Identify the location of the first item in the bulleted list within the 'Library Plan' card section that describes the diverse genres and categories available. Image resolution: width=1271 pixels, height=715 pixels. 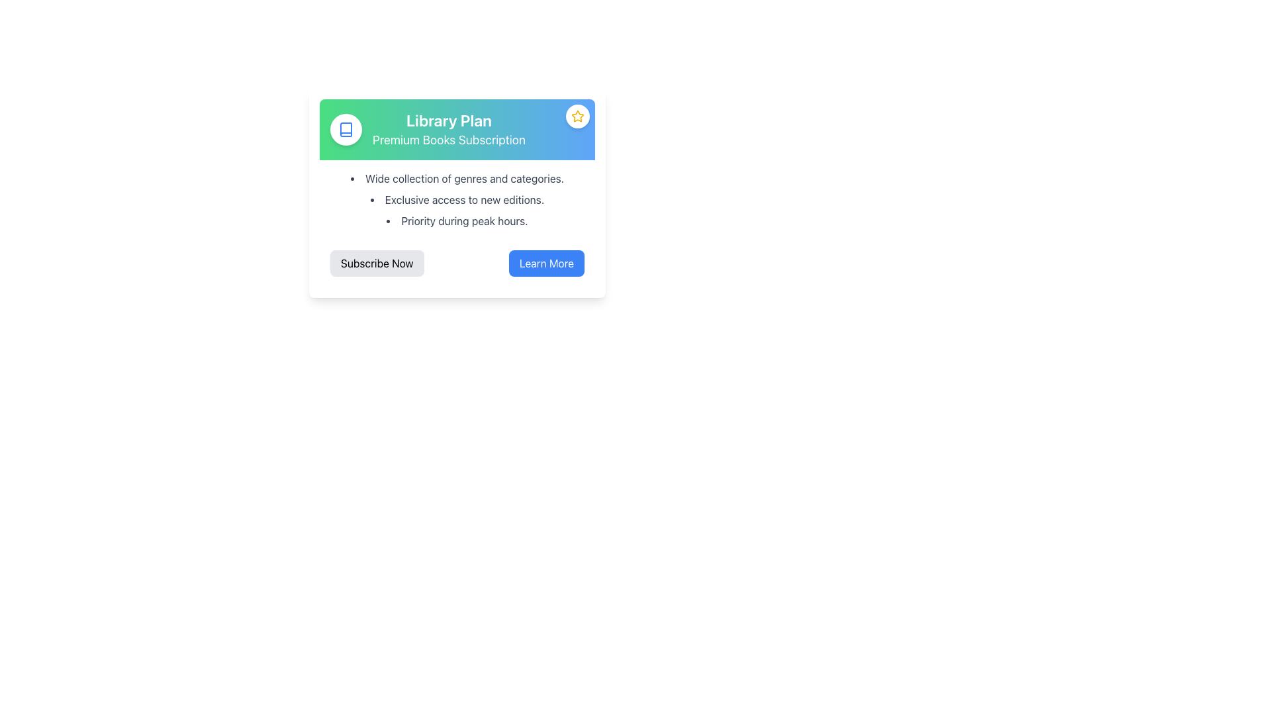
(457, 179).